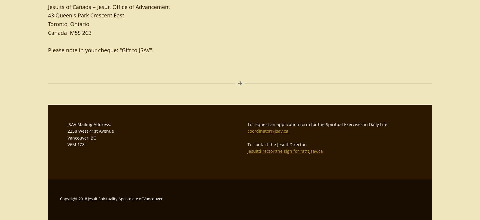  What do you see at coordinates (48, 50) in the screenshot?
I see `'Please note in your cheque: "Gift to JSAV".'` at bounding box center [48, 50].